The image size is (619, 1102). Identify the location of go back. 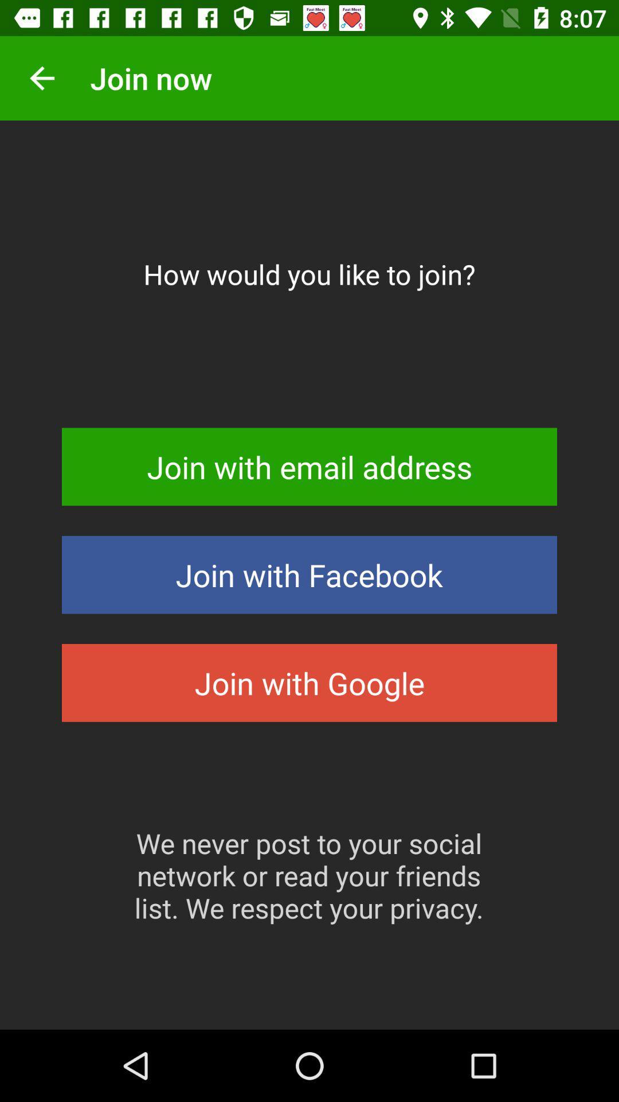
(41, 77).